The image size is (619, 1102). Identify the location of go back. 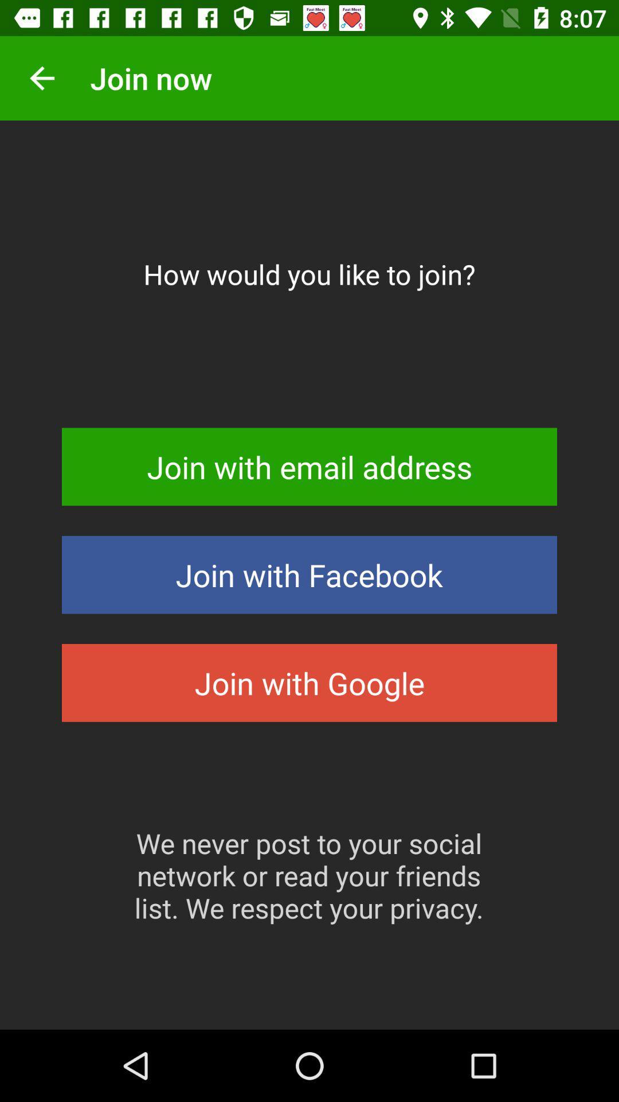
(41, 77).